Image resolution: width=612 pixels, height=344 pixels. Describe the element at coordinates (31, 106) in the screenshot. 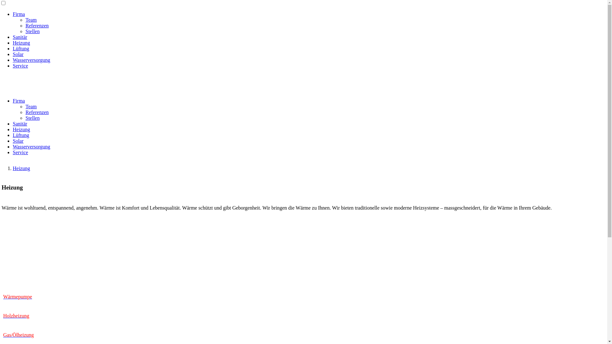

I see `'Team'` at that location.